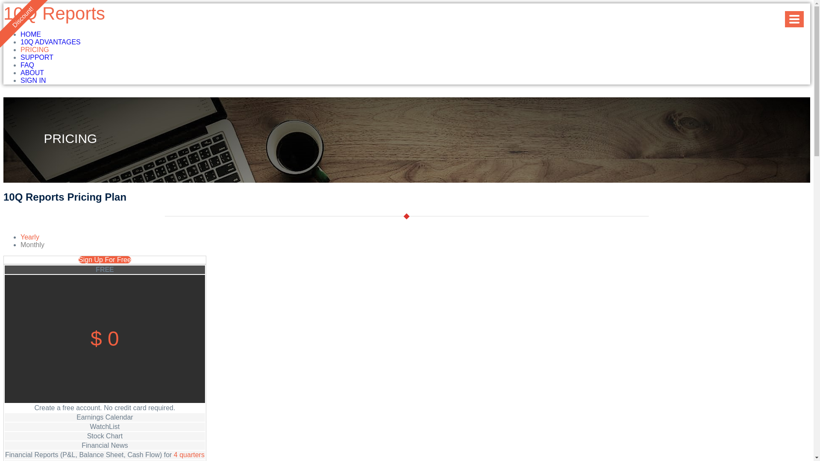  I want to click on 'SIGN IN', so click(20, 80).